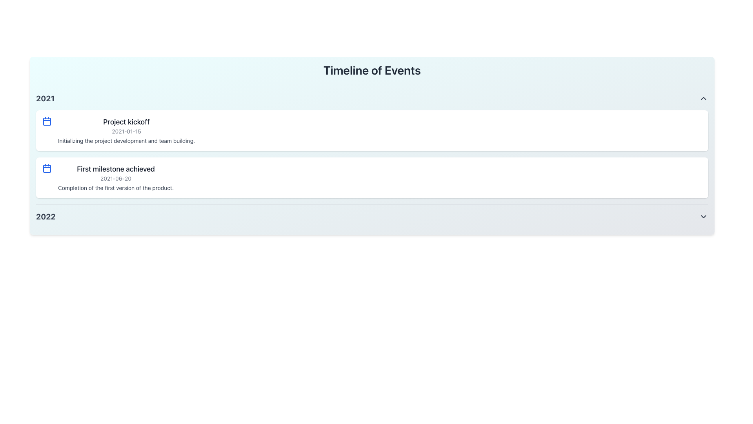 The width and height of the screenshot is (753, 424). Describe the element at coordinates (115, 179) in the screenshot. I see `the date label indicating the milestone achieved in 2021, located between the title and descriptive text in the 'First milestone achieved' section` at that location.